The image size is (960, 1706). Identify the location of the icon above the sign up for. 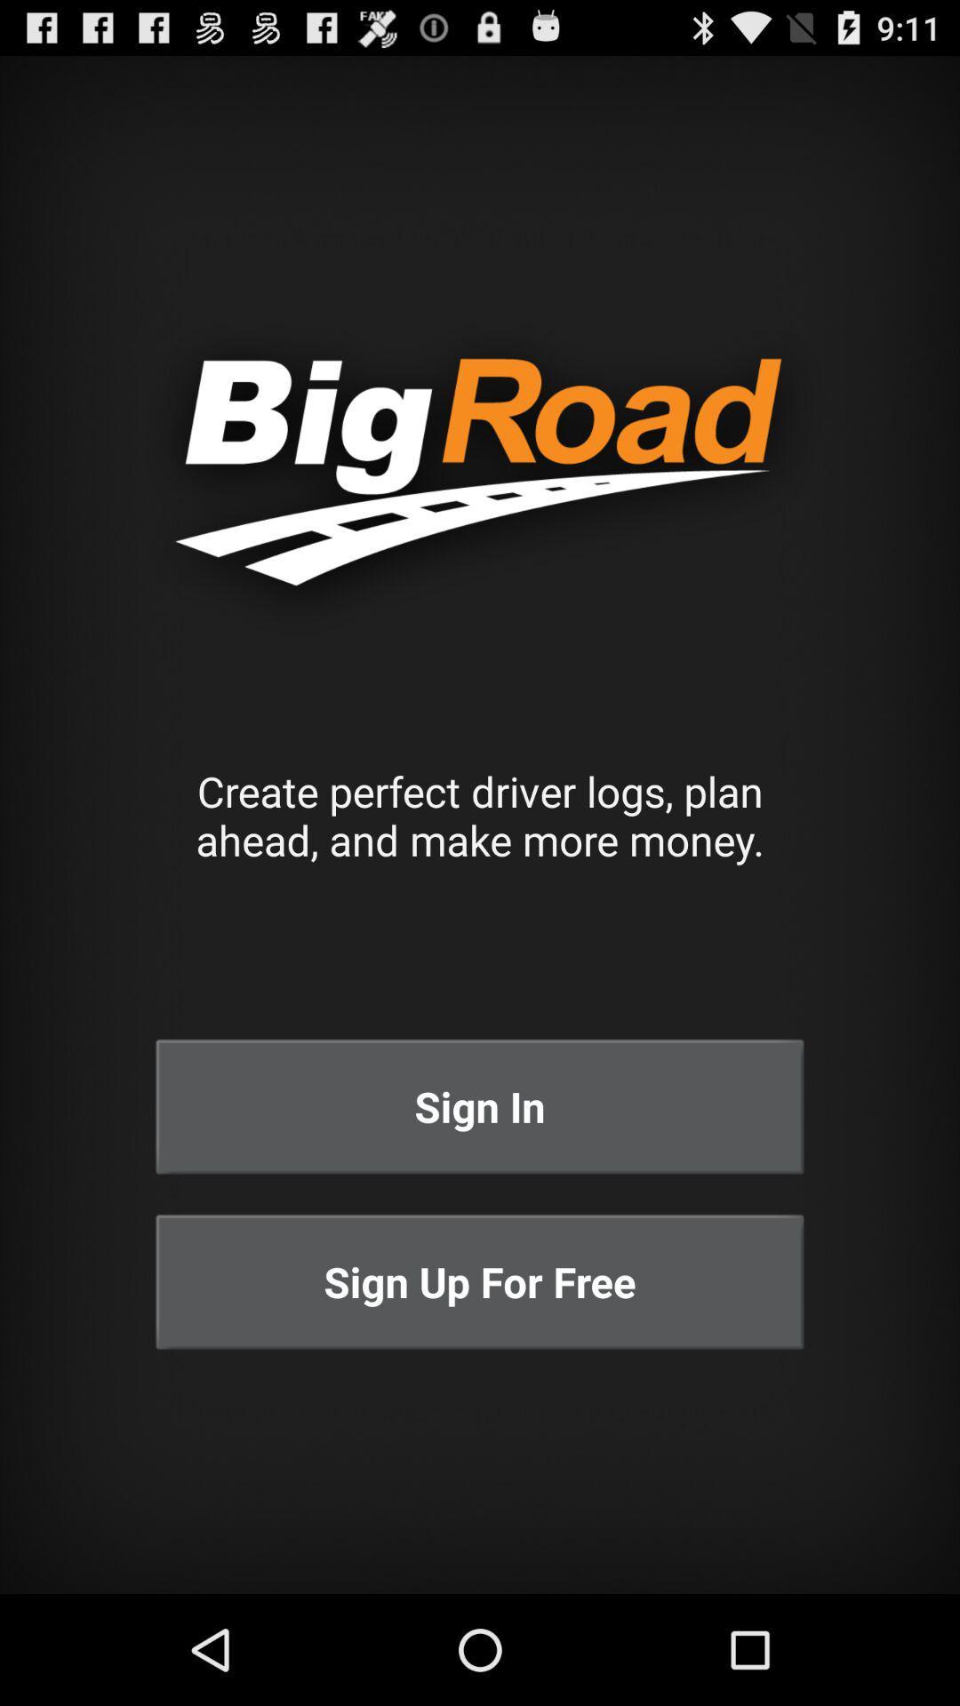
(480, 1105).